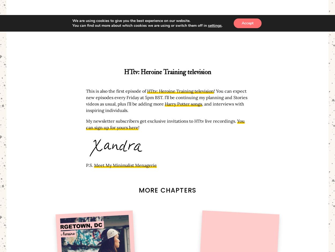 This screenshot has width=335, height=252. I want to click on 'We are using cookies to give you the best experience on our website.', so click(72, 20).